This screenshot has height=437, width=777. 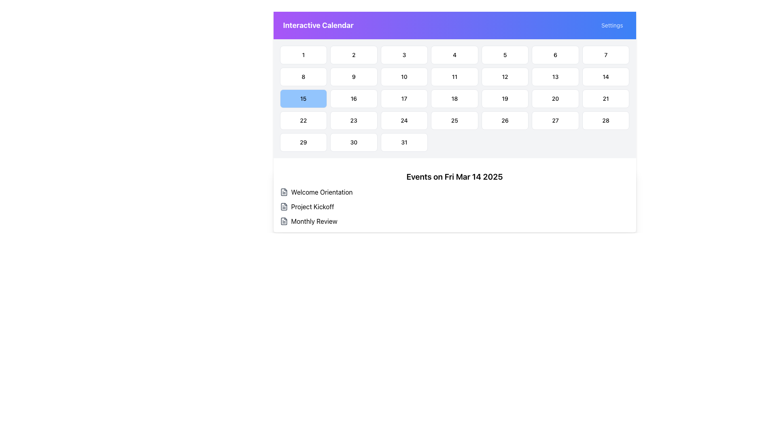 What do you see at coordinates (404, 76) in the screenshot?
I see `the text label displaying the number '10' located in the second row and third column of the calendar grid under the 'Interactive Calendar' heading` at bounding box center [404, 76].